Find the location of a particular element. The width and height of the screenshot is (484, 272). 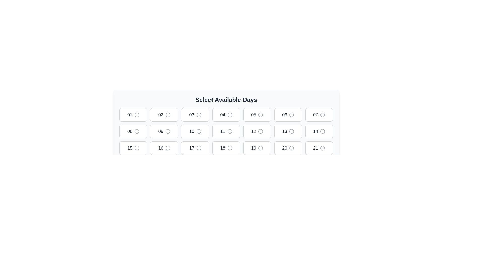

the rectangular button with rounded corners, styled in white with a gray border, containing the number '11' is located at coordinates (226, 131).